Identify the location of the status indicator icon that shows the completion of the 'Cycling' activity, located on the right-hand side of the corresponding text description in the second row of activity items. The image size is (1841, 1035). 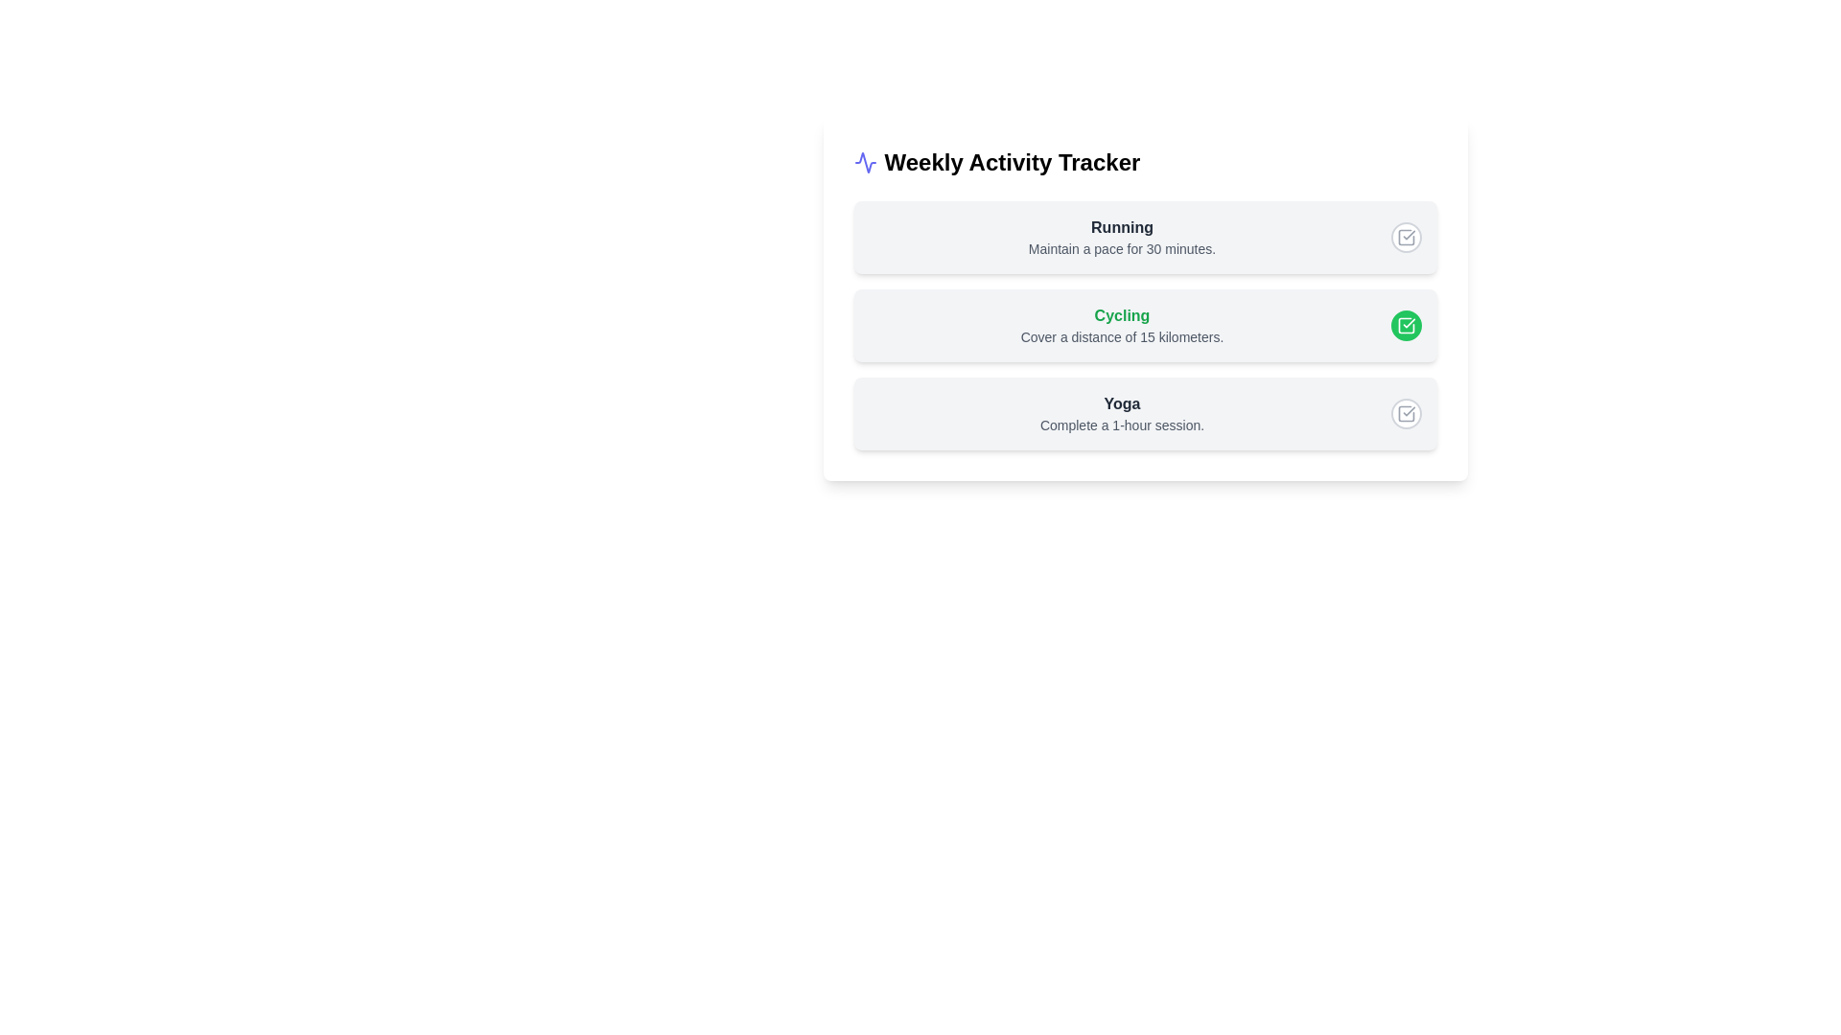
(1406, 324).